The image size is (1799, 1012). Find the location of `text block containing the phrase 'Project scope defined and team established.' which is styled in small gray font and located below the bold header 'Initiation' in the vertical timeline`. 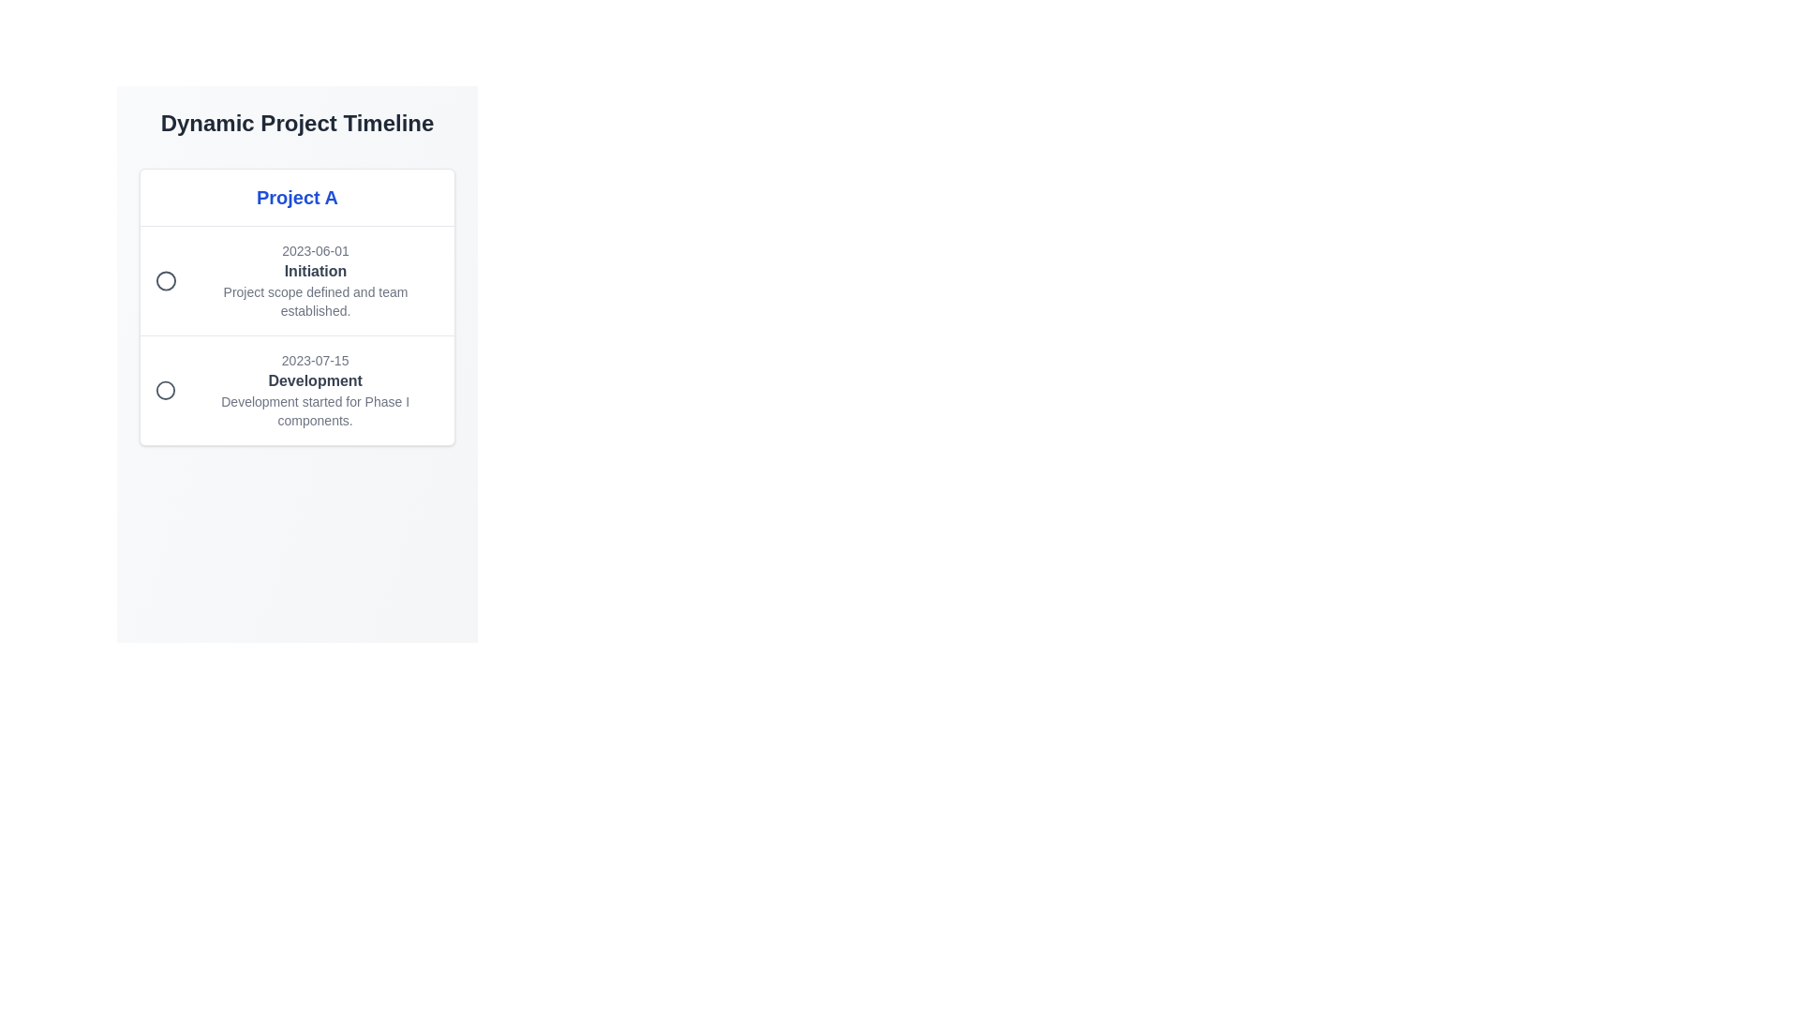

text block containing the phrase 'Project scope defined and team established.' which is styled in small gray font and located below the bold header 'Initiation' in the vertical timeline is located at coordinates (315, 300).